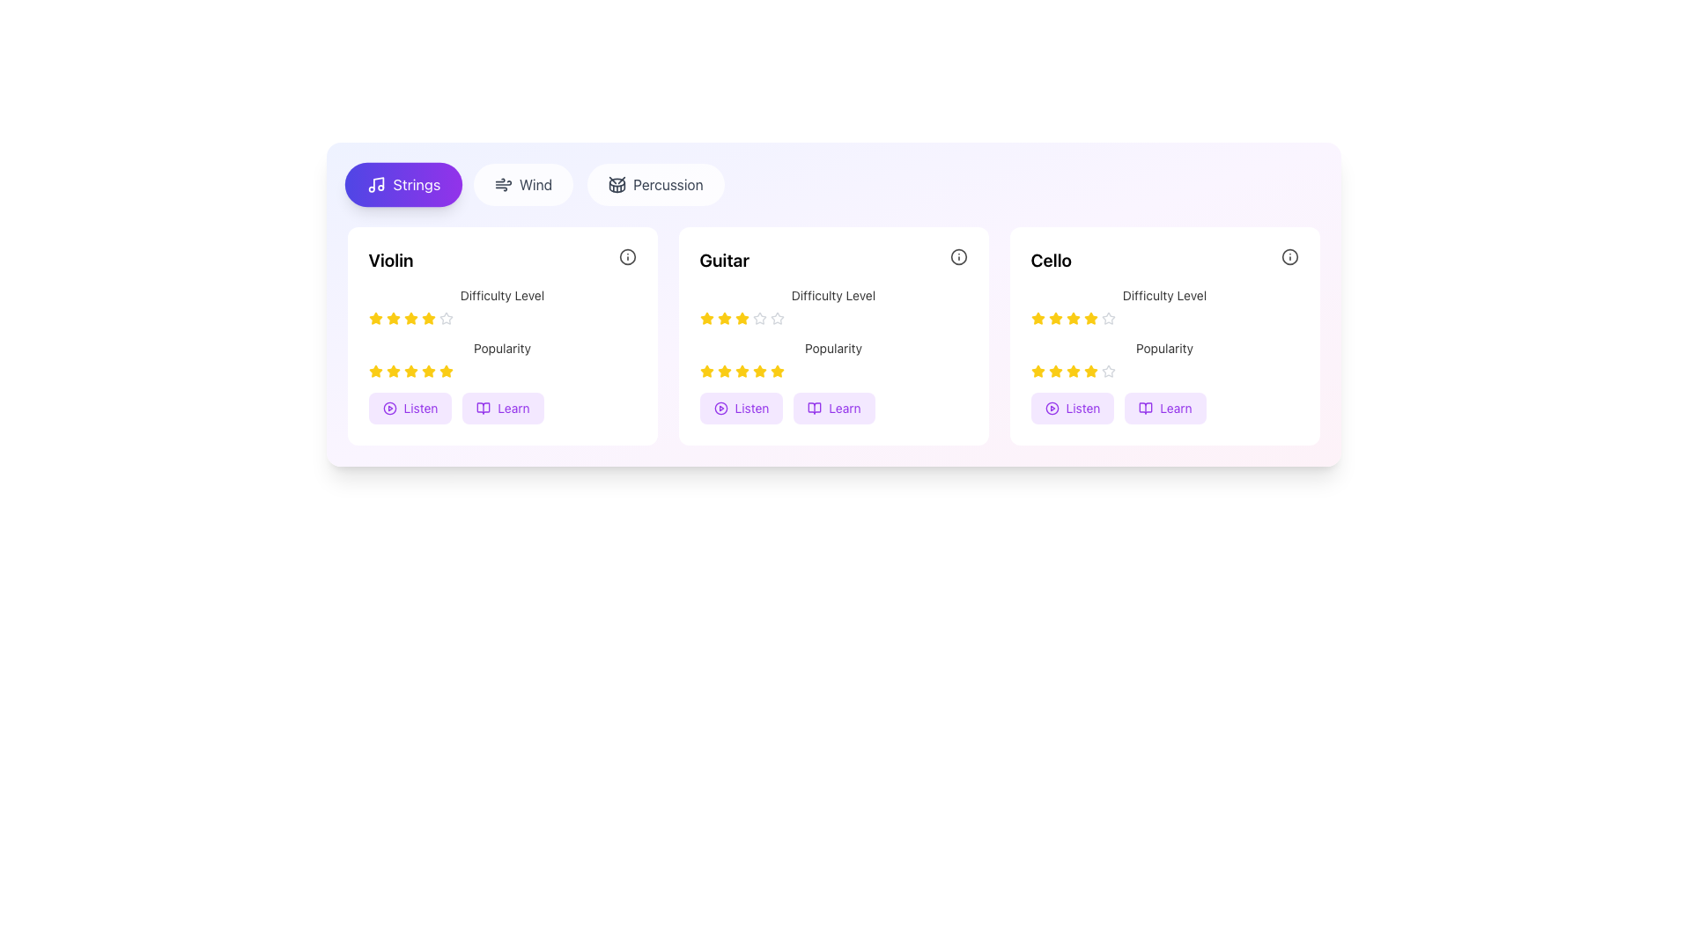  I want to click on the filled yellow star icon representing the first star in the difficulty rating for the Guitar section of the information card, so click(706, 318).